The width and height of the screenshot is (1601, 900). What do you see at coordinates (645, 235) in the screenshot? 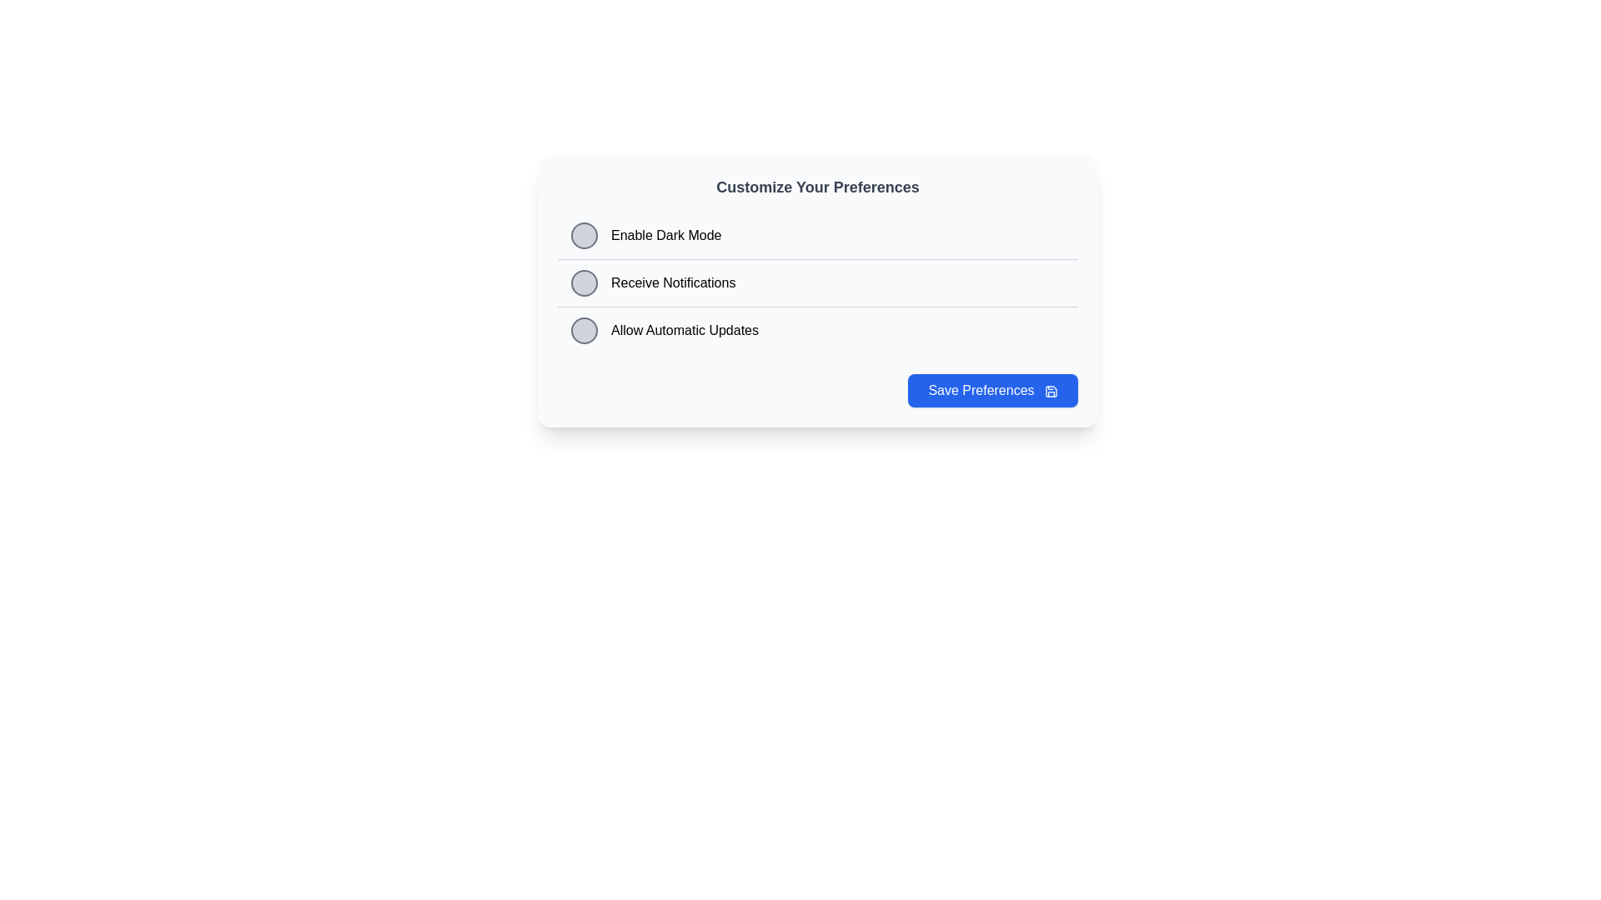
I see `the 'Enable Dark Mode' label in the preference options, which features a circular unselected radio button styled in gray, located at the top of the list in a centered modal window` at bounding box center [645, 235].